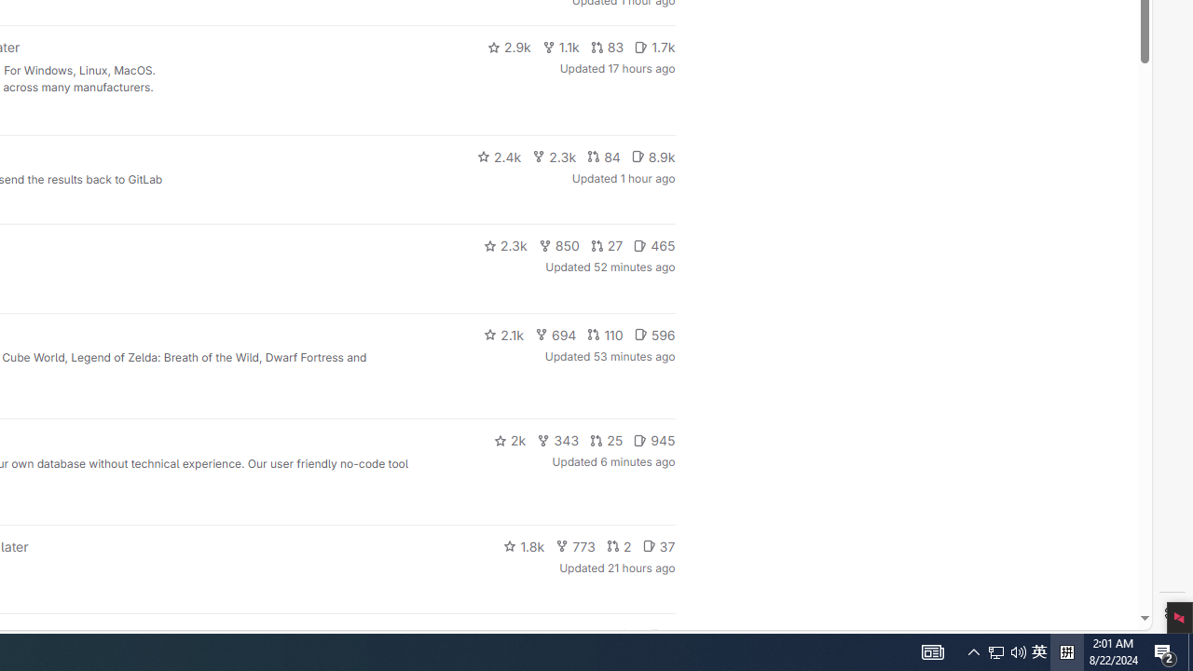 Image resolution: width=1193 pixels, height=671 pixels. Describe the element at coordinates (654, 47) in the screenshot. I see `'1.7k'` at that location.